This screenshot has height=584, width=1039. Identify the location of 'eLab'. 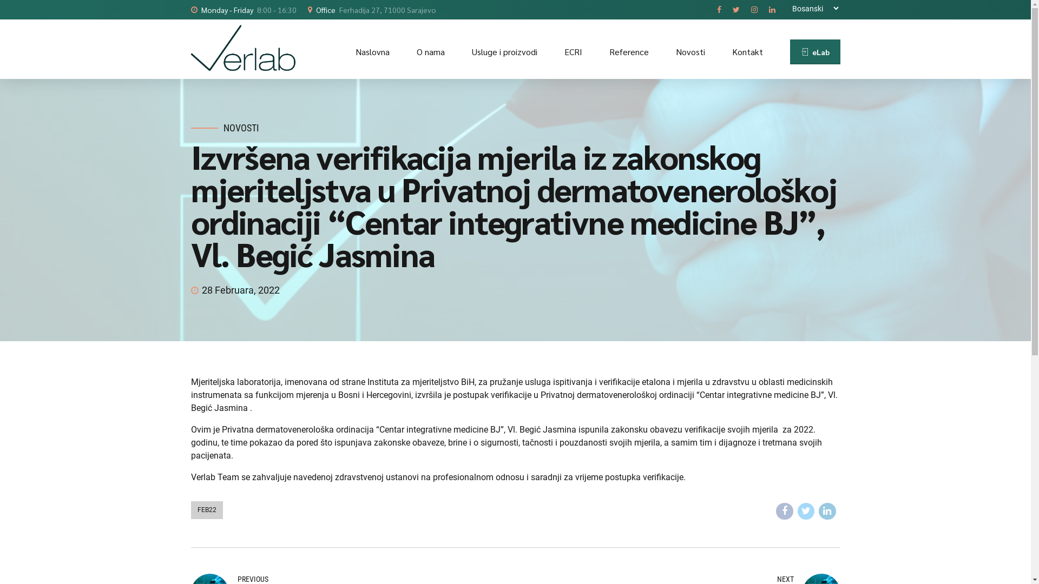
(815, 52).